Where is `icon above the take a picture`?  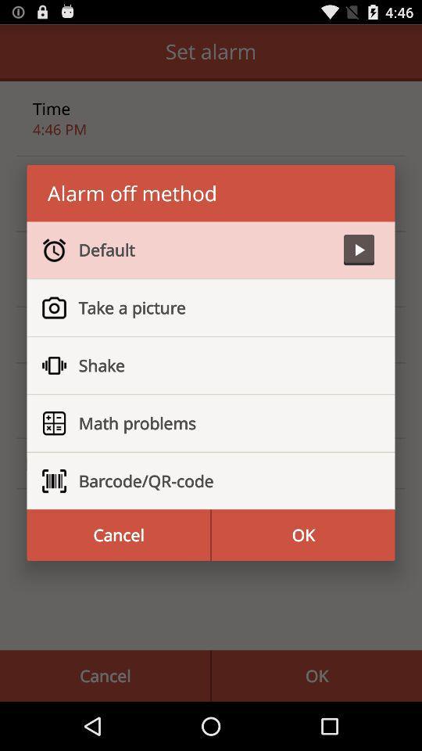 icon above the take a picture is located at coordinates (205, 250).